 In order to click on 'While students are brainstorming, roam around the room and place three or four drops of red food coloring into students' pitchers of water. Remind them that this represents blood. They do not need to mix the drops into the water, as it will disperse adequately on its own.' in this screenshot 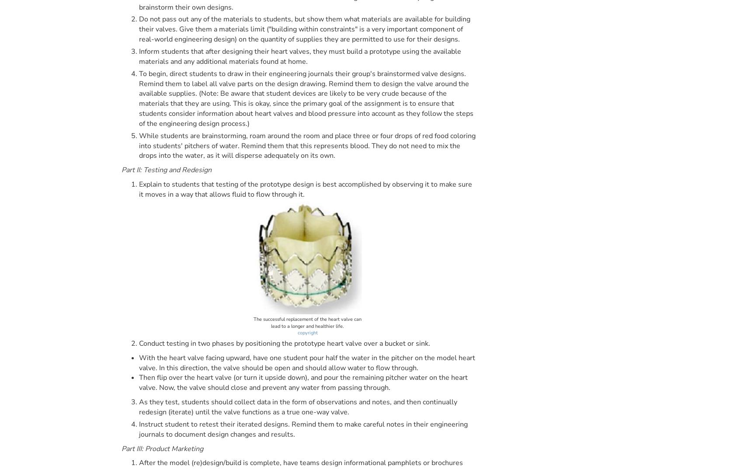, I will do `click(307, 145)`.